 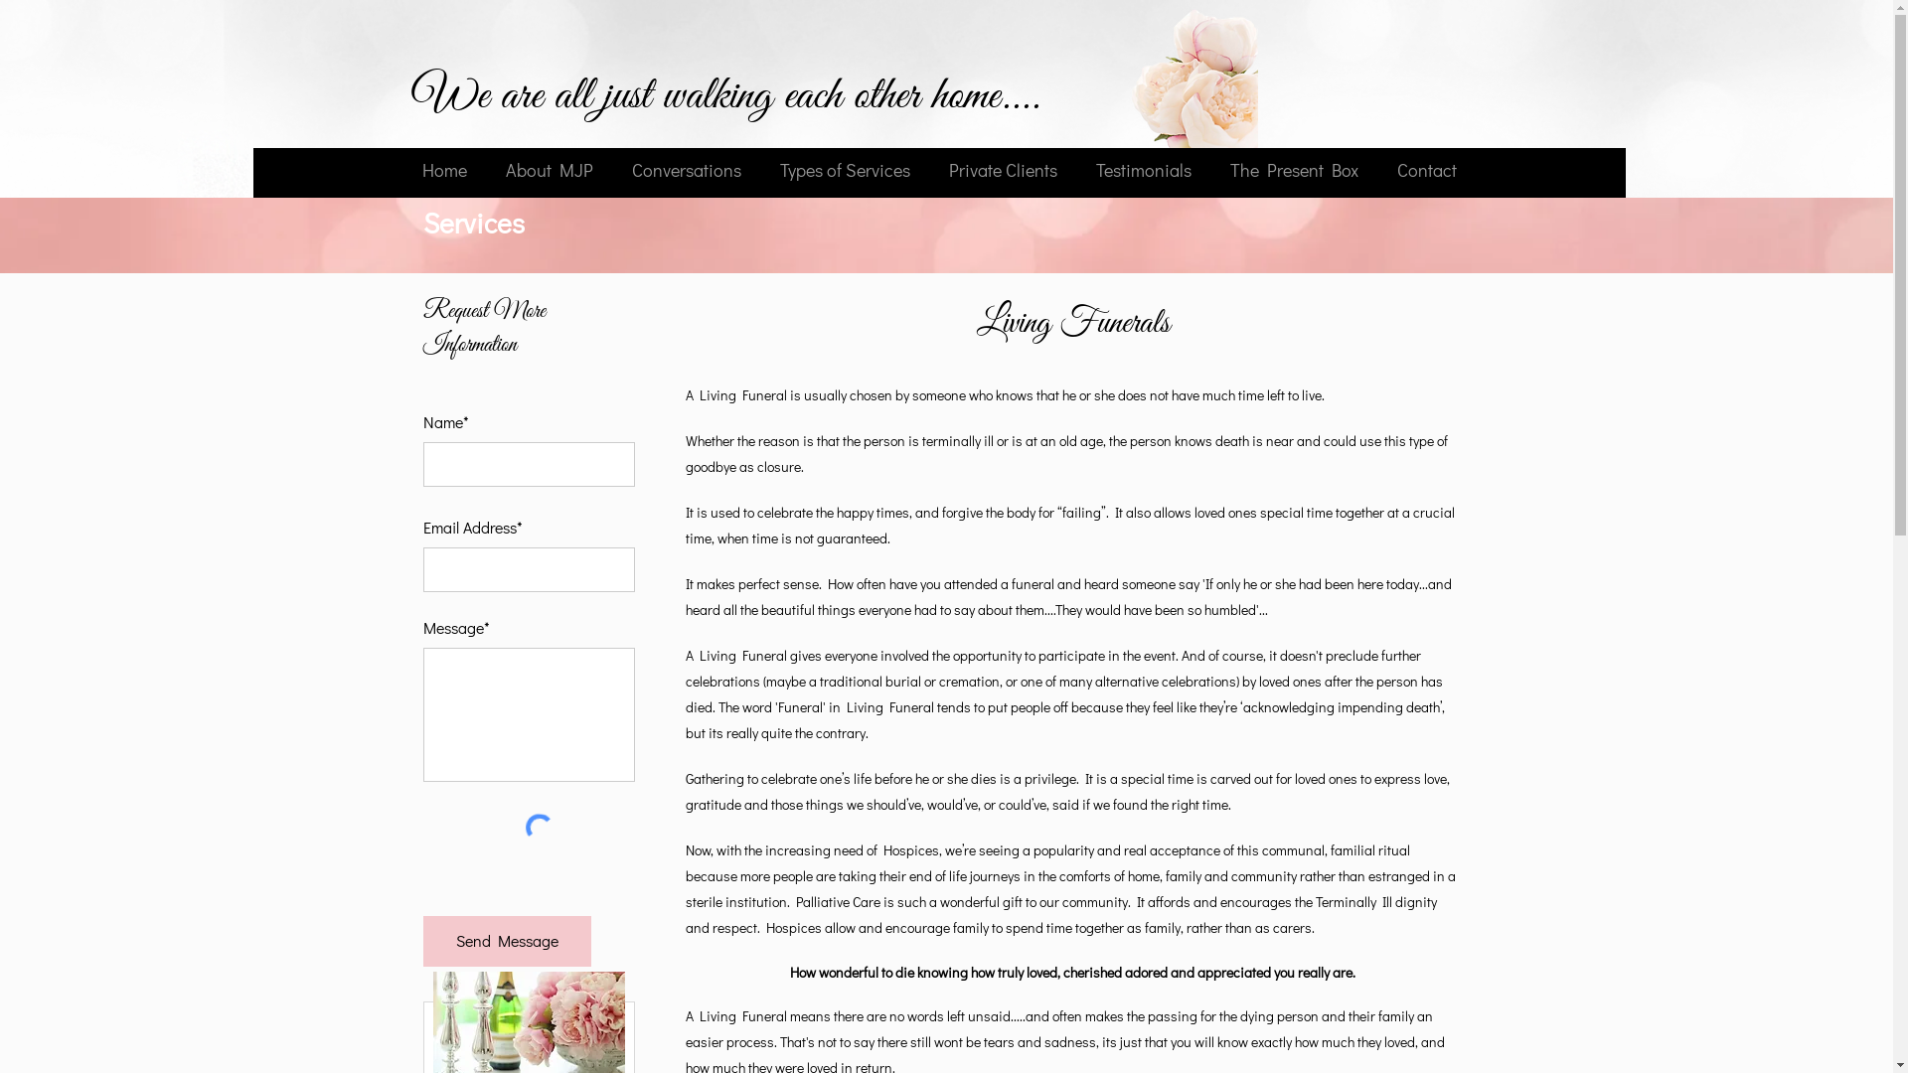 I want to click on 'About MJP', so click(x=550, y=168).